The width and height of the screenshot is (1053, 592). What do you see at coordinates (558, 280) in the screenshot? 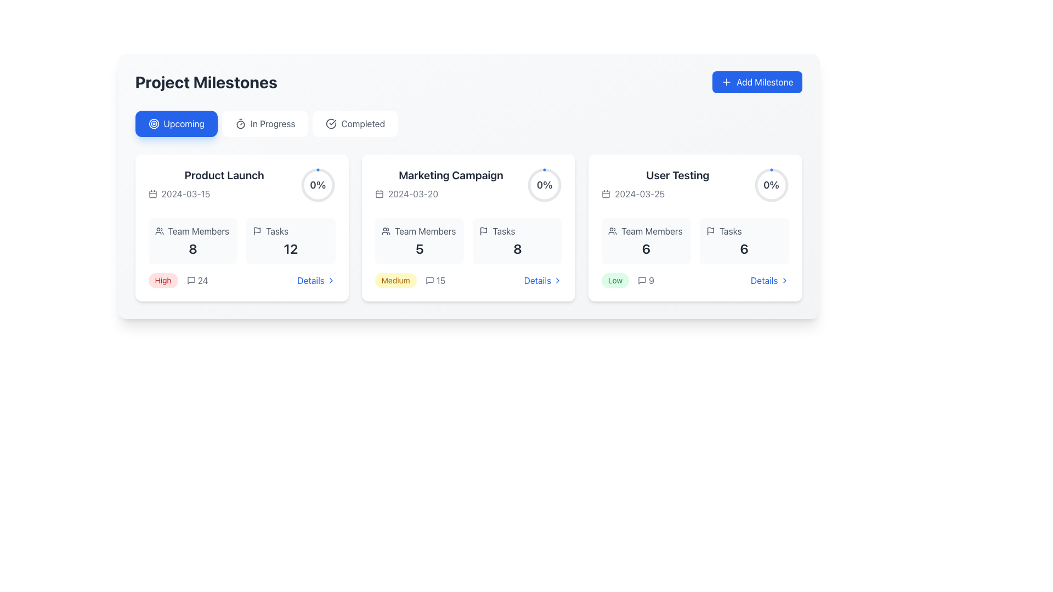
I see `the rightward-pointing chevron icon located on the right-hand side of the 'Details' text link in the 'Marketing Campaign' section` at bounding box center [558, 280].